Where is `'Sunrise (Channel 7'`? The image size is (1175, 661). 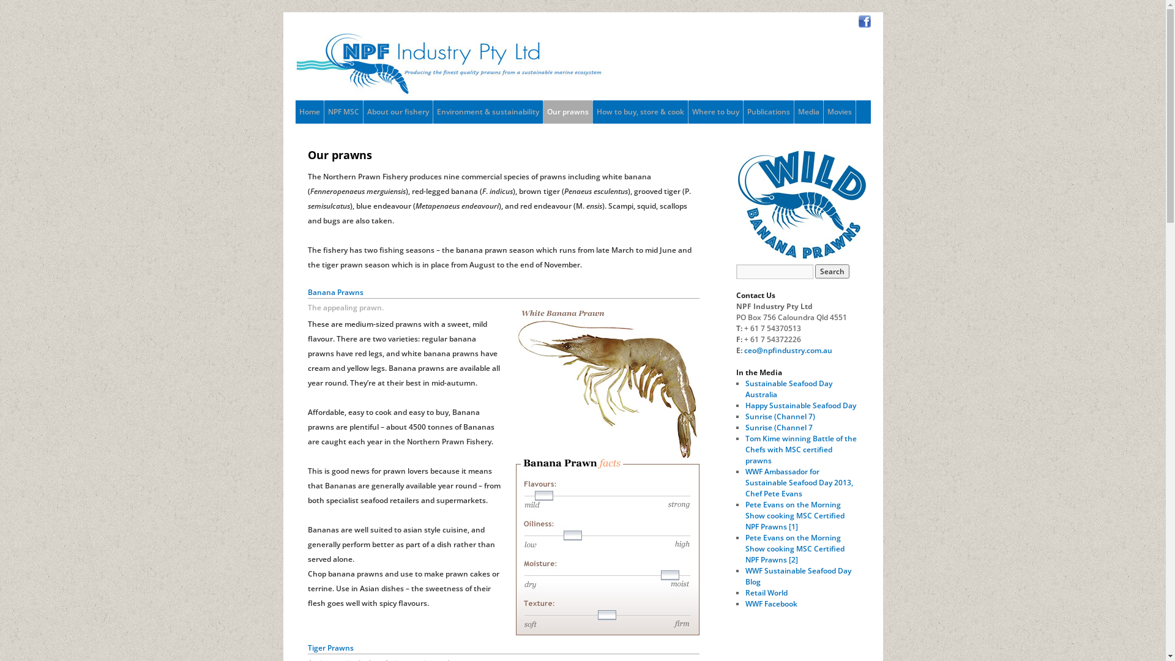
'Sunrise (Channel 7' is located at coordinates (778, 427).